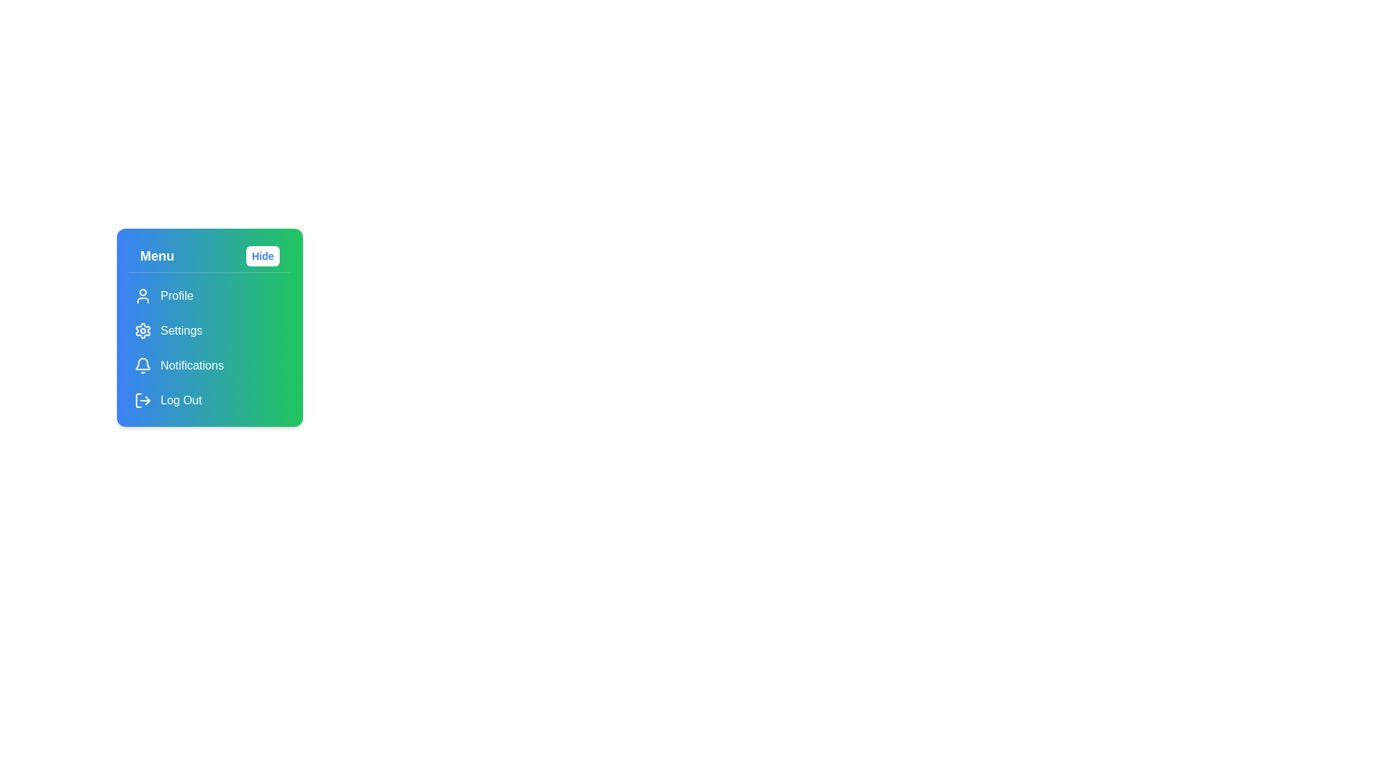 The image size is (1395, 784). I want to click on the button in the top-right corner of the panel with a gradient blue-to-green background to hide the menu or panel, so click(262, 256).